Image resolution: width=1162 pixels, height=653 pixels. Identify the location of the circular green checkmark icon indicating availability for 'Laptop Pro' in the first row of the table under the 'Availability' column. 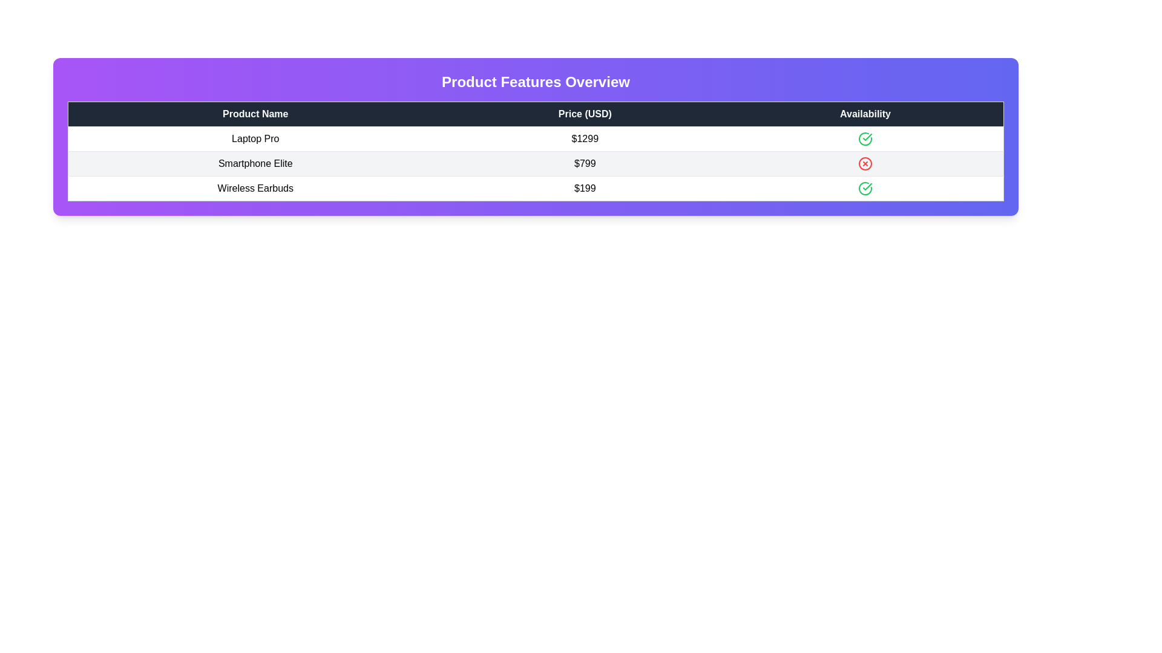
(865, 138).